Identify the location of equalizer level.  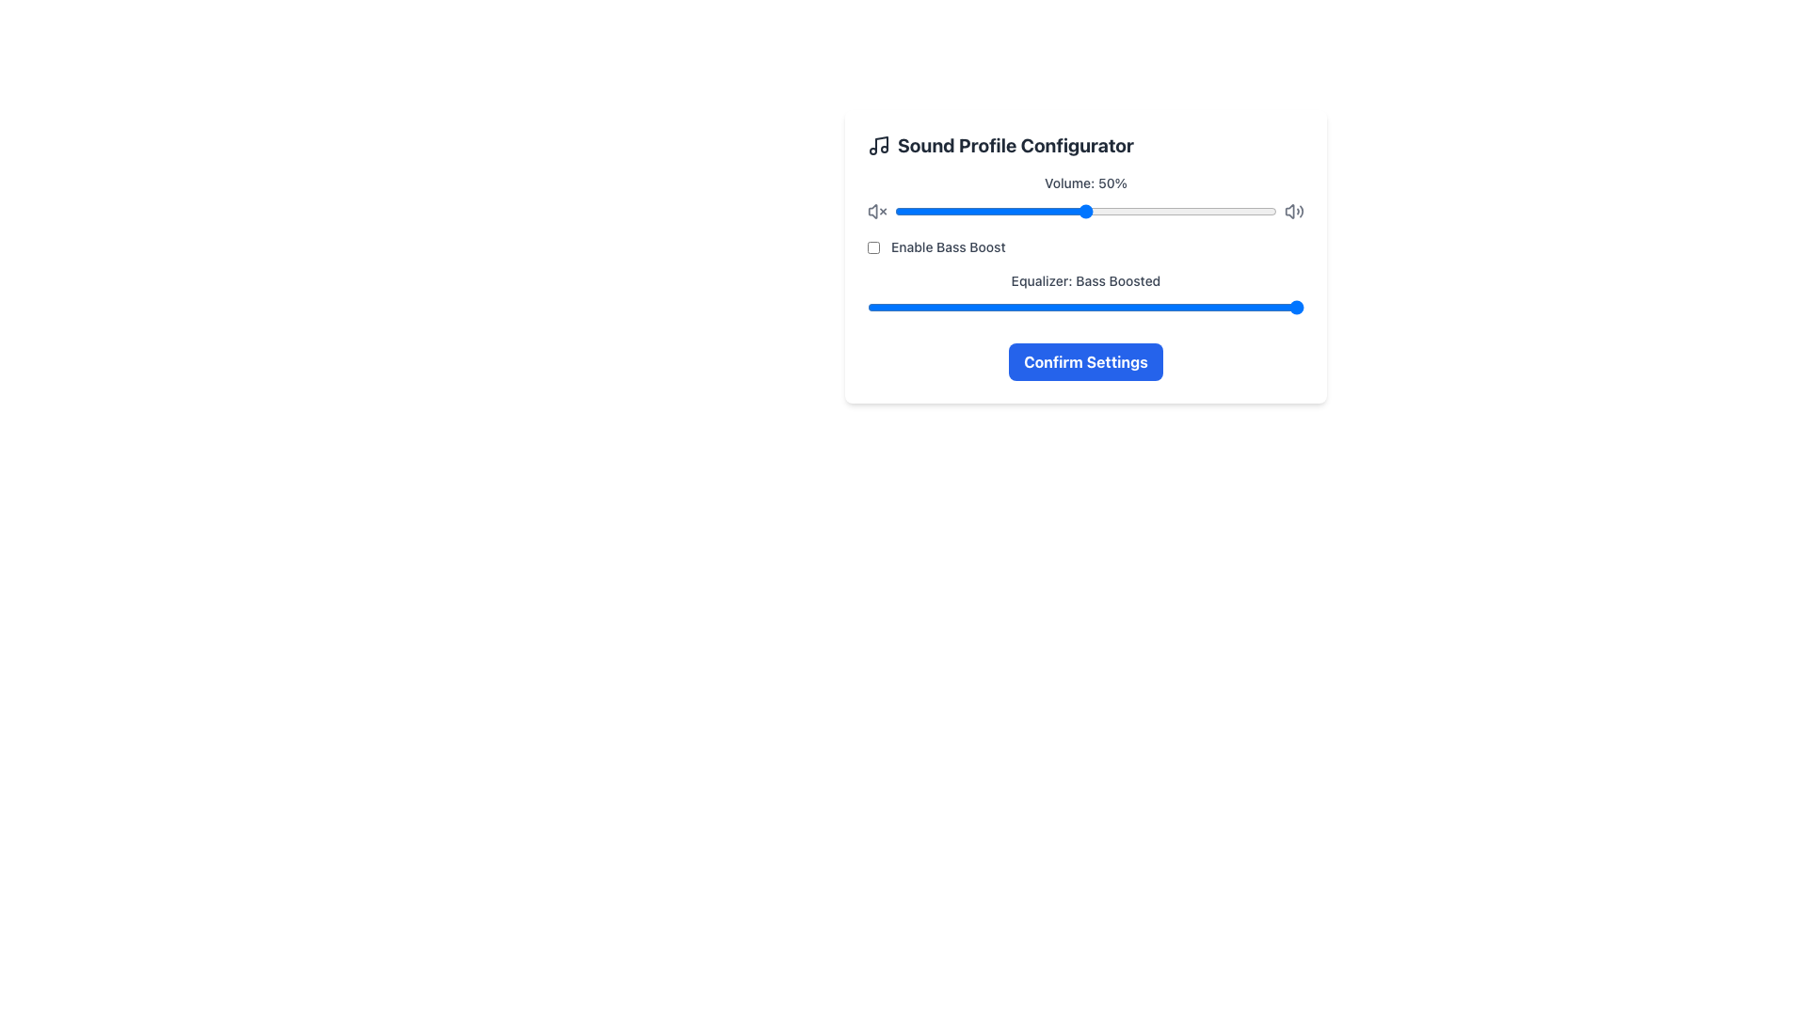
(1158, 307).